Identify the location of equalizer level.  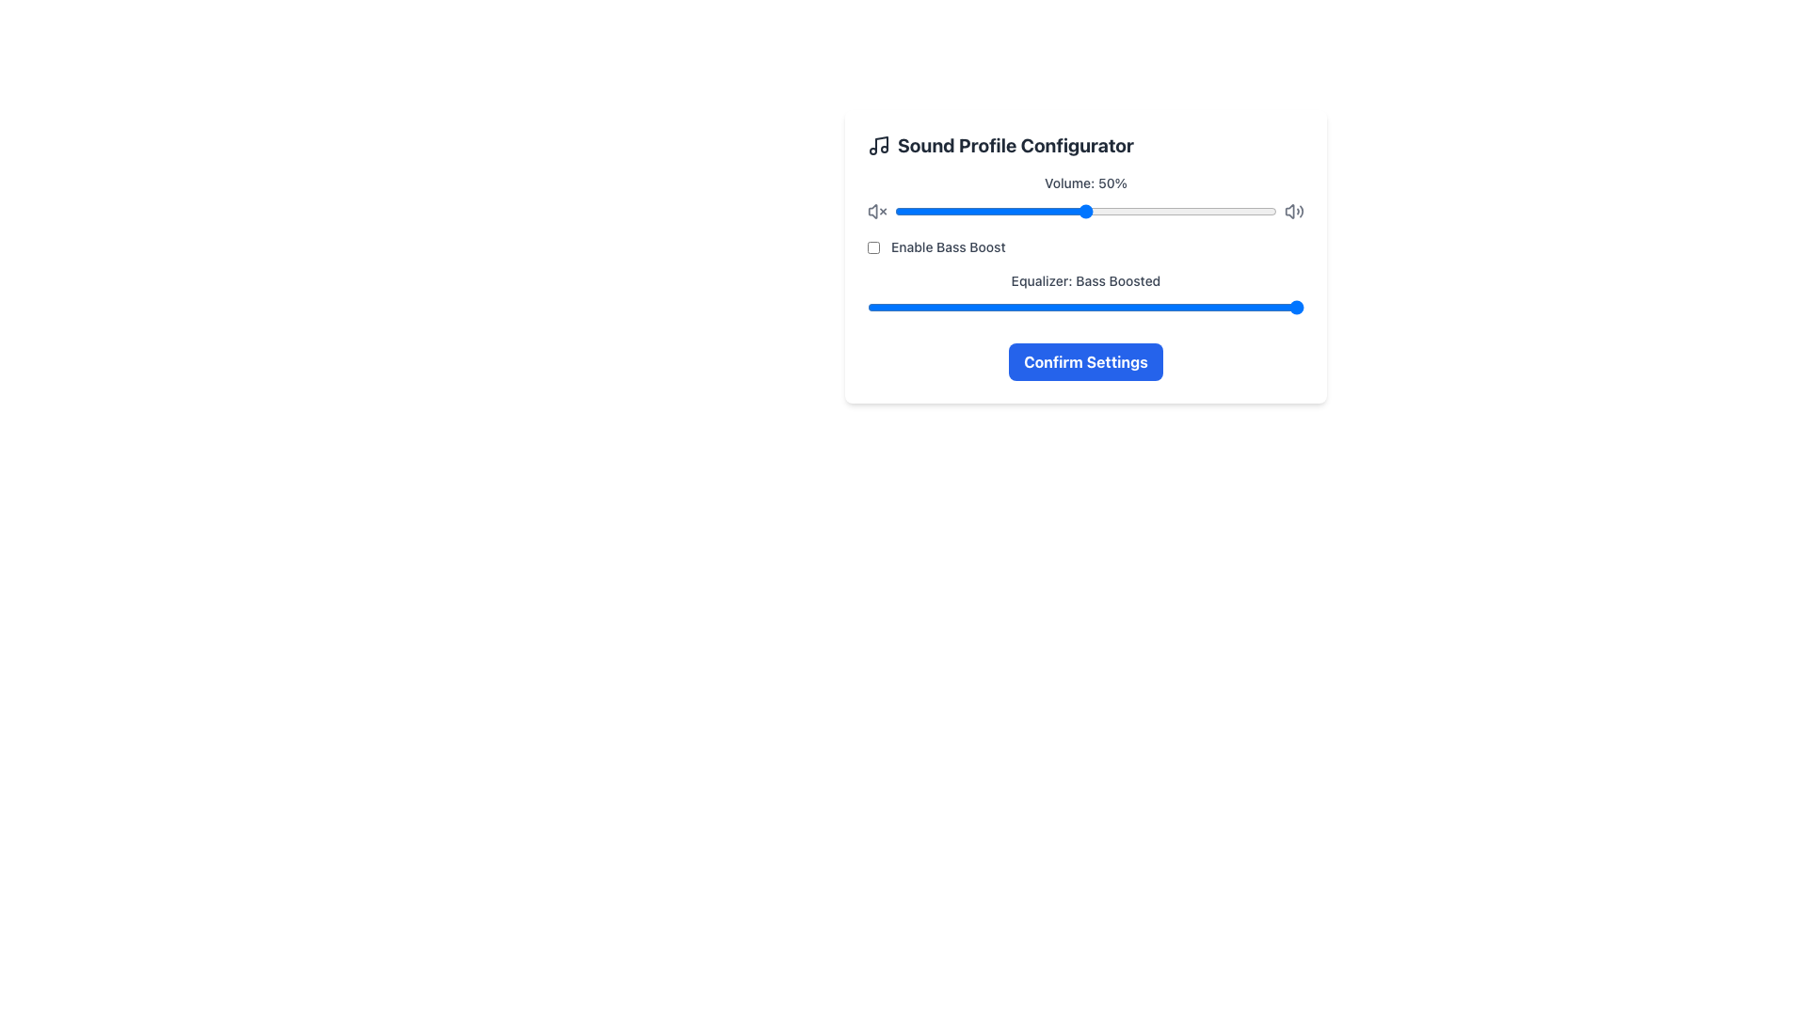
(1158, 307).